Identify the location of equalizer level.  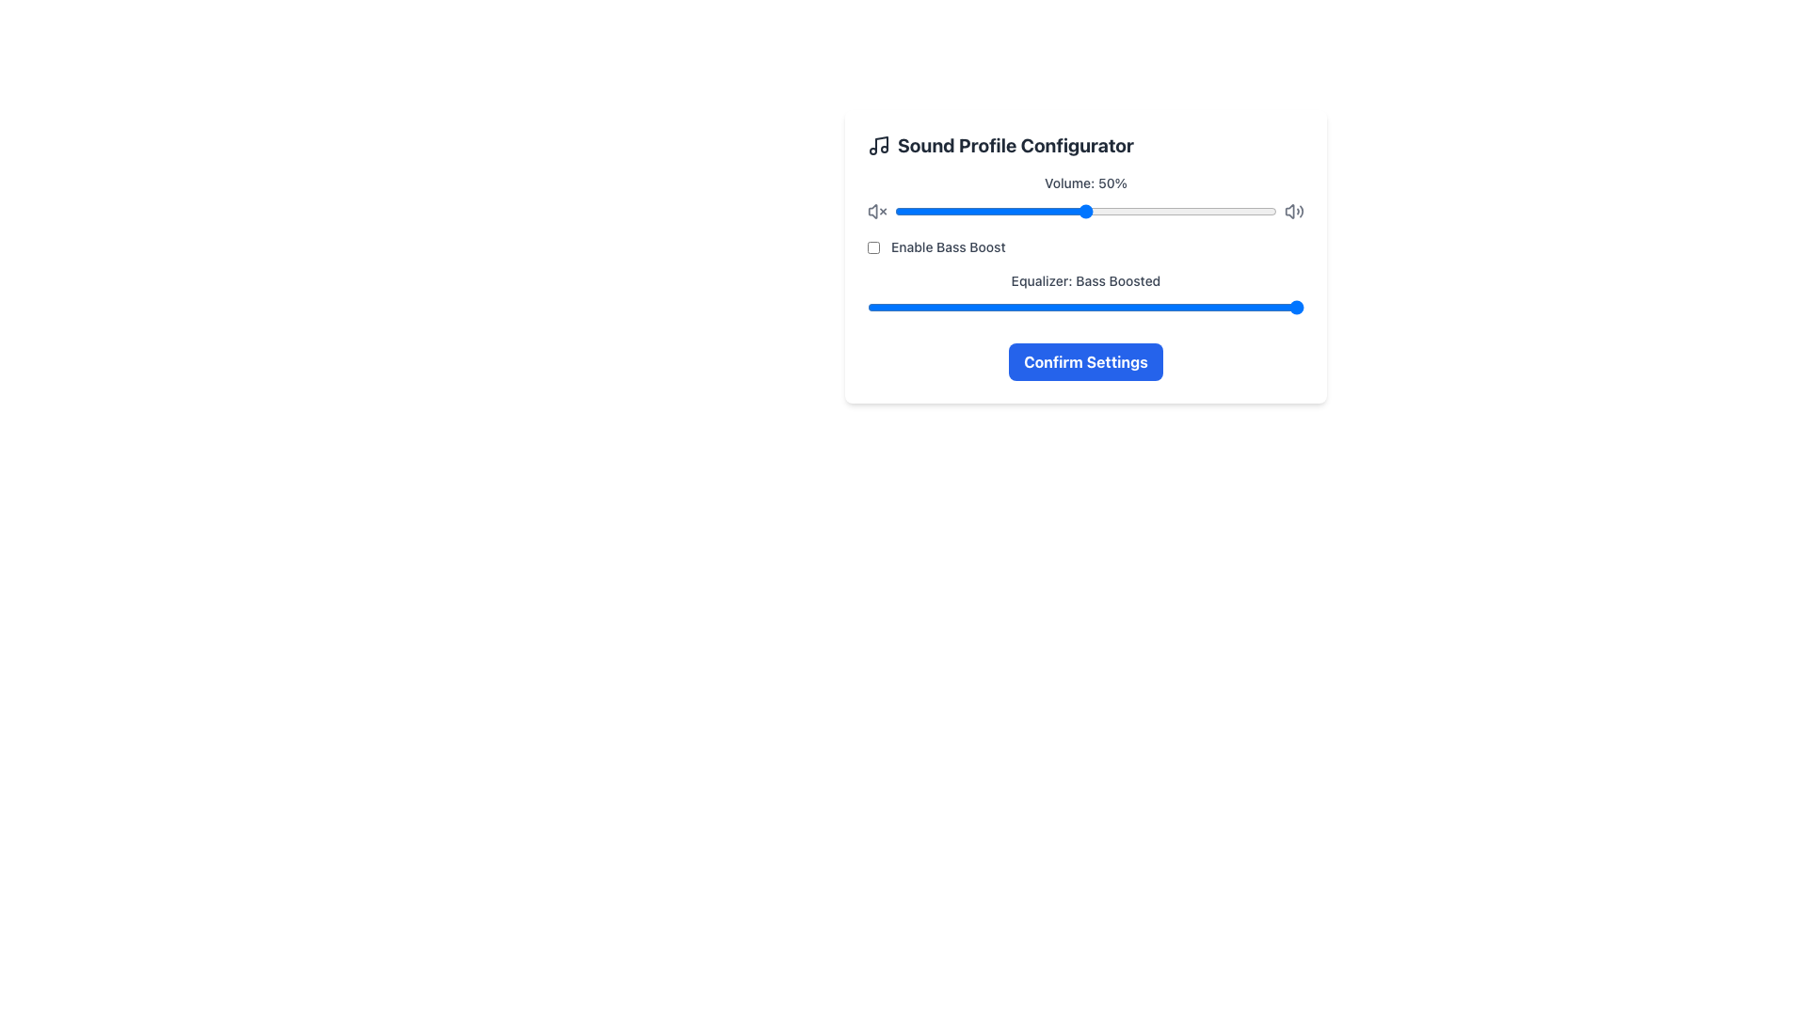
(1158, 307).